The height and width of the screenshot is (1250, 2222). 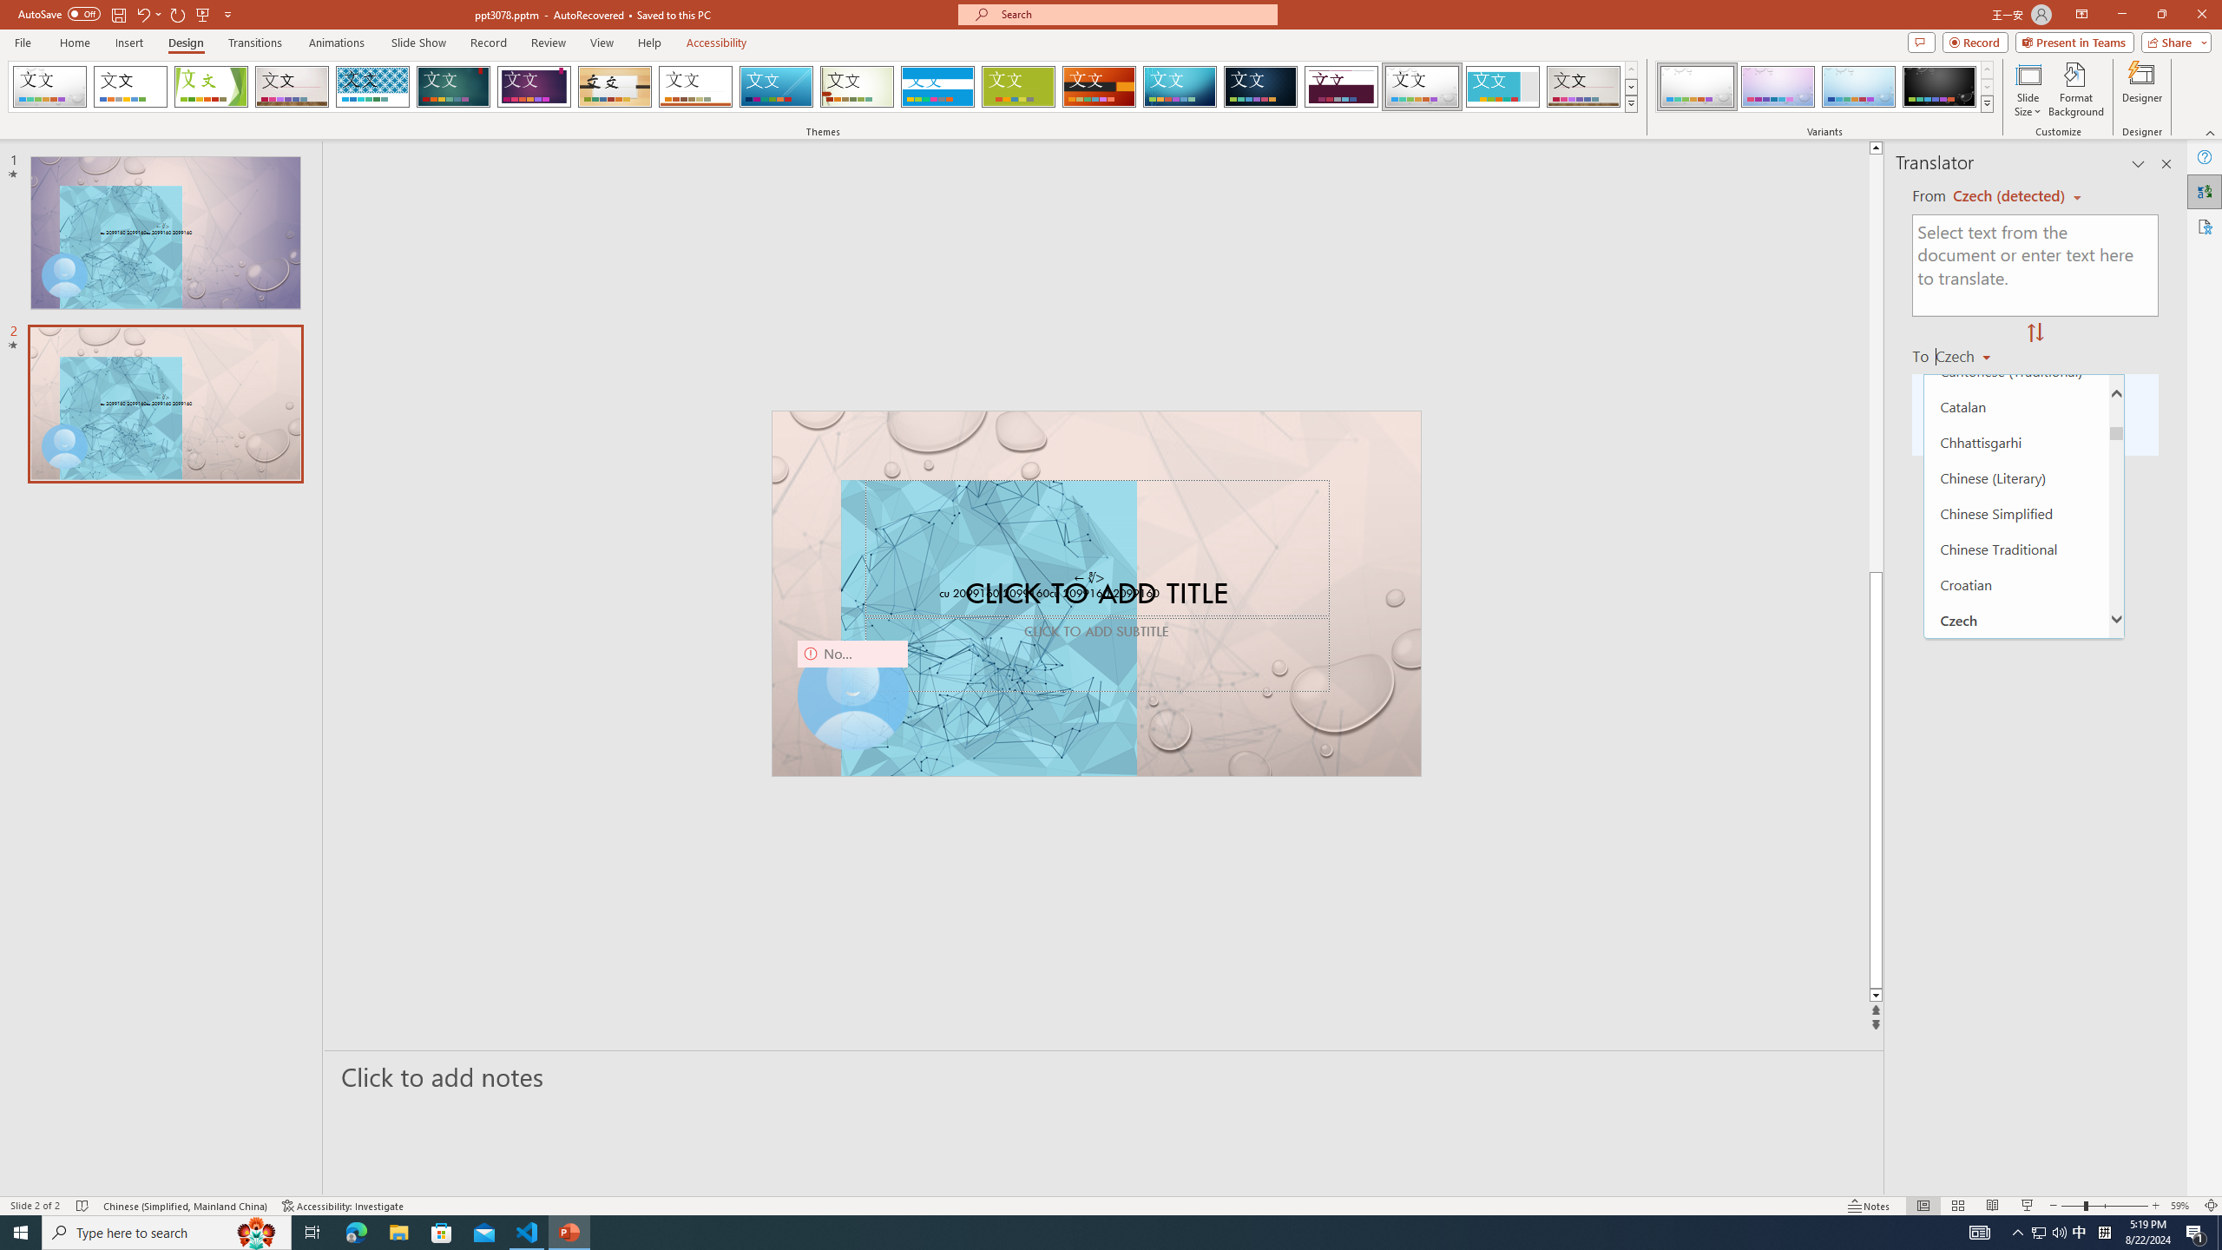 What do you see at coordinates (615, 86) in the screenshot?
I see `'Organic'` at bounding box center [615, 86].